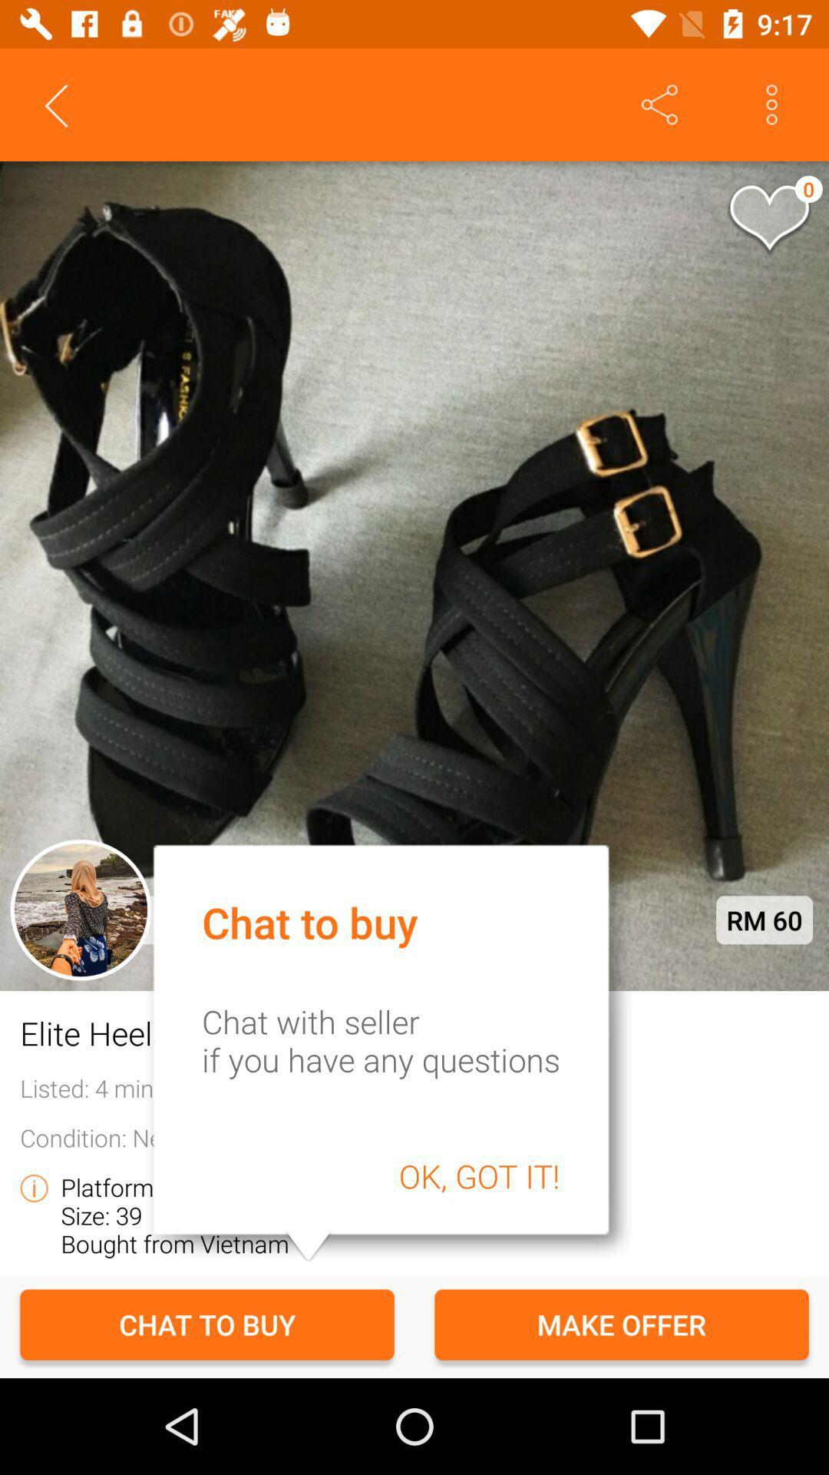 The height and width of the screenshot is (1475, 829). What do you see at coordinates (81, 910) in the screenshot?
I see `the avatar icon` at bounding box center [81, 910].